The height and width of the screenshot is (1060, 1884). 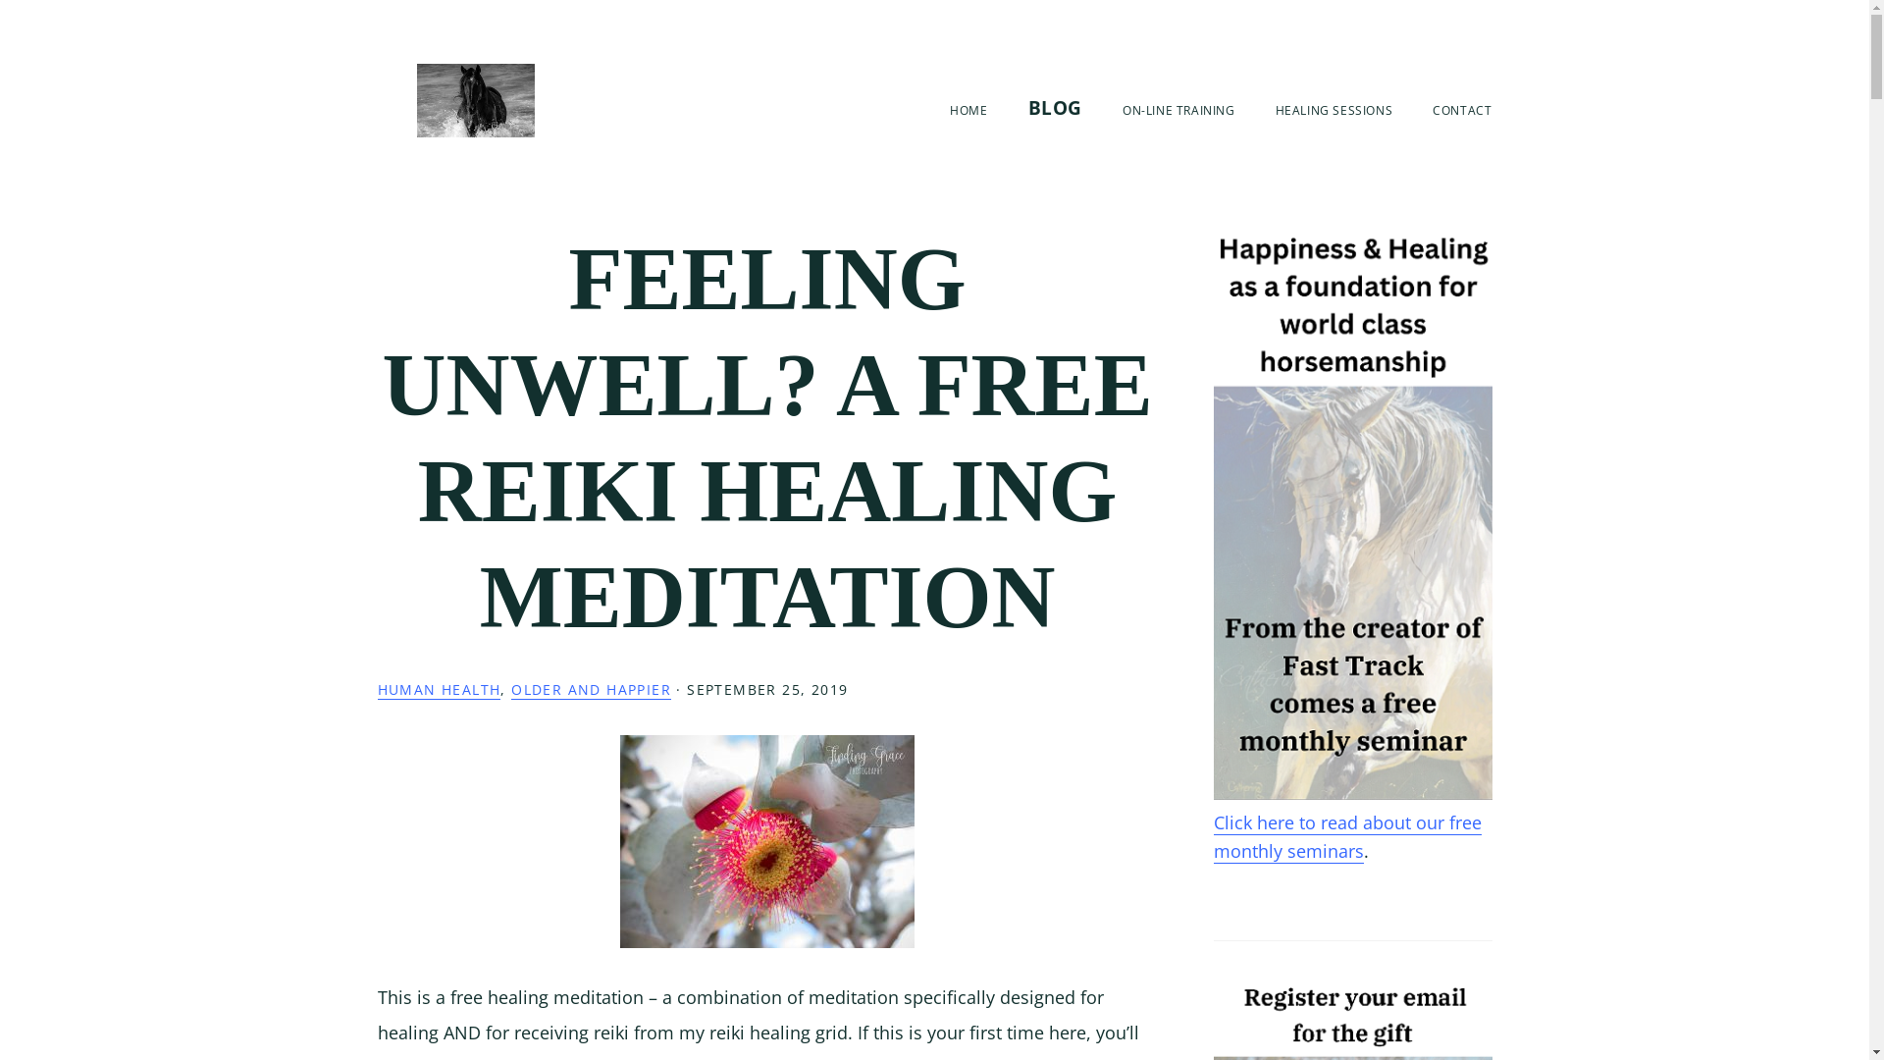 I want to click on 'HEALING SESSIONS', so click(x=1334, y=110).